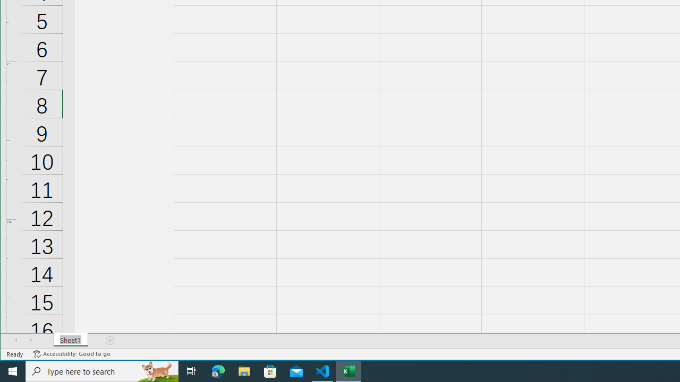 This screenshot has height=382, width=680. Describe the element at coordinates (244, 370) in the screenshot. I see `'File Explorer'` at that location.